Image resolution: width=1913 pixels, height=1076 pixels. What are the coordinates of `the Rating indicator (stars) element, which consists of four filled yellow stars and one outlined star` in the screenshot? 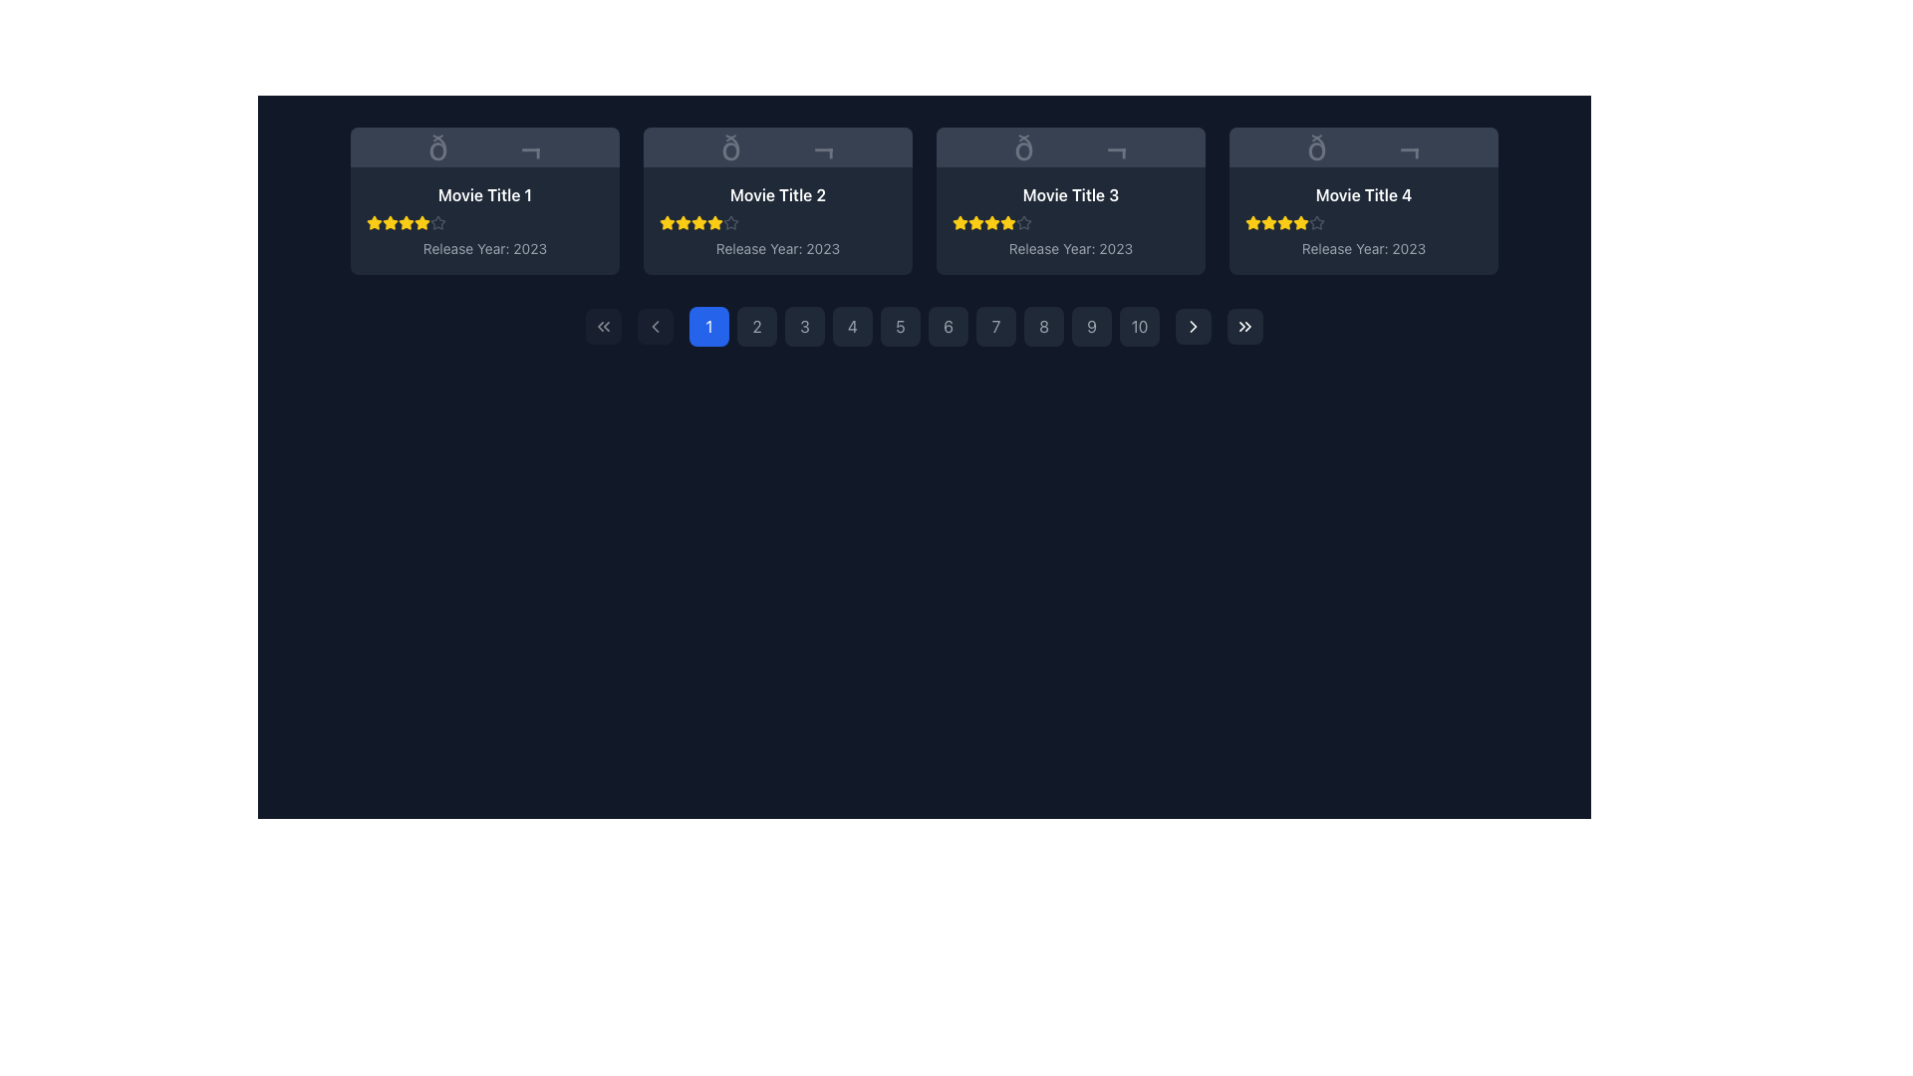 It's located at (1362, 222).